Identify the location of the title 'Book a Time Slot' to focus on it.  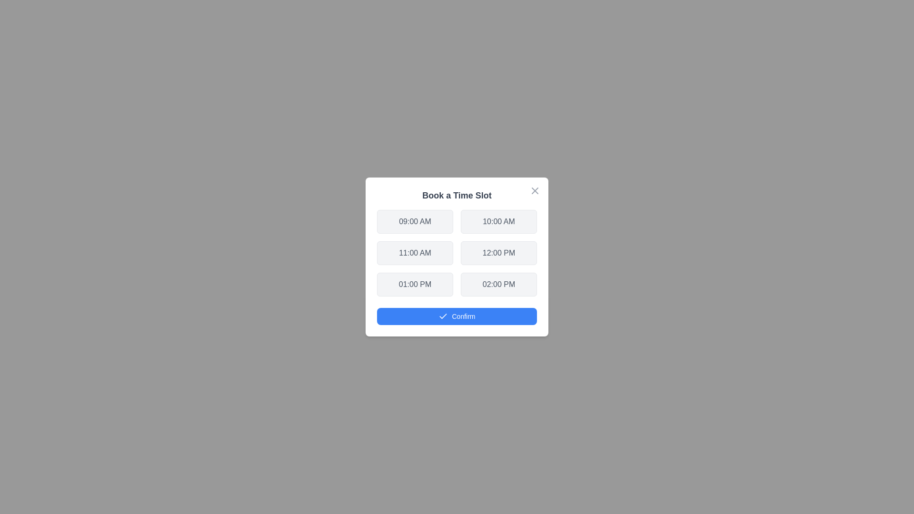
(457, 195).